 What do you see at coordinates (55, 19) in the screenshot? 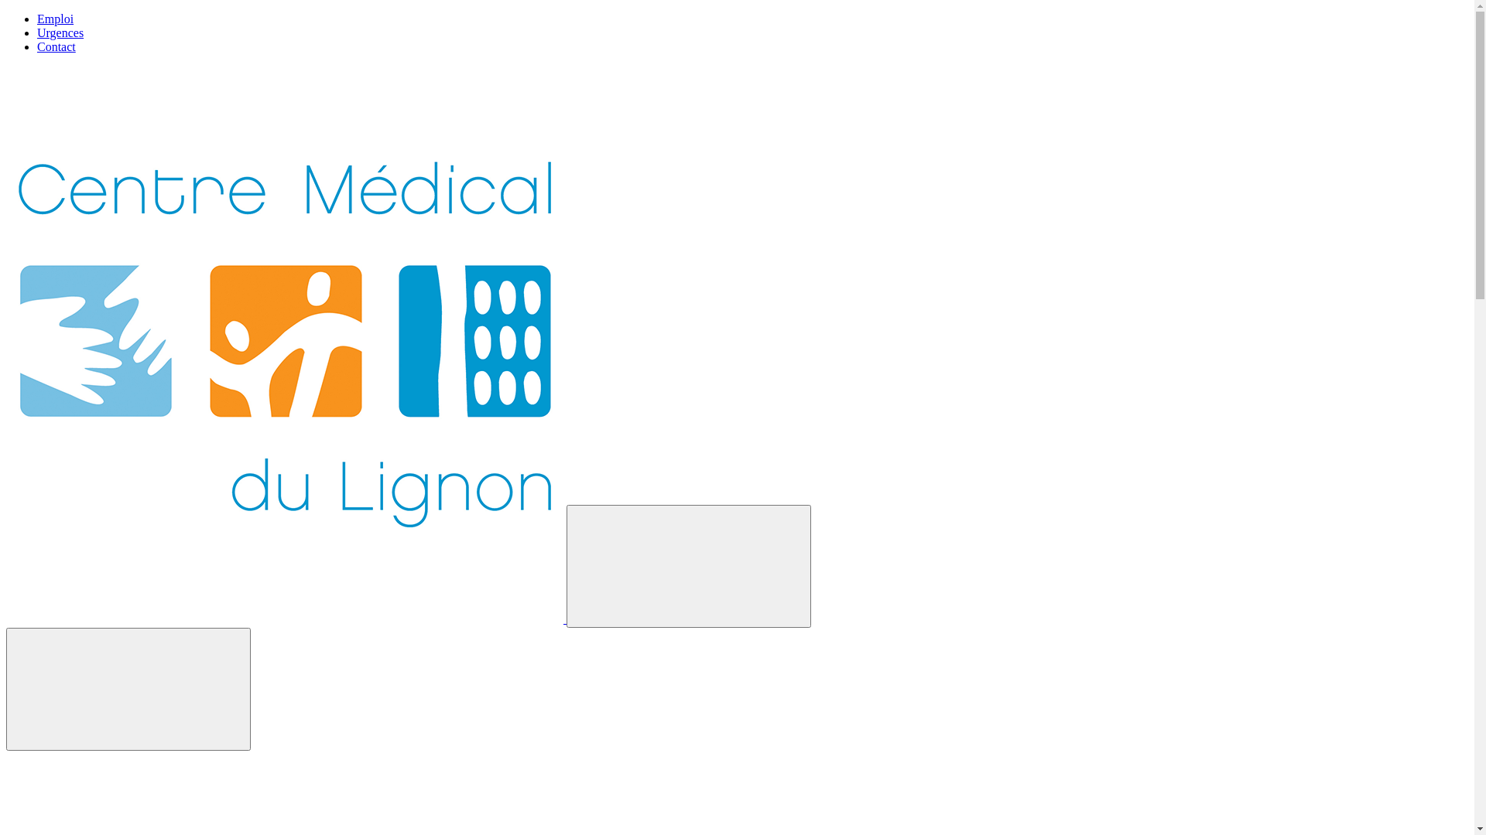
I see `'Emploi'` at bounding box center [55, 19].